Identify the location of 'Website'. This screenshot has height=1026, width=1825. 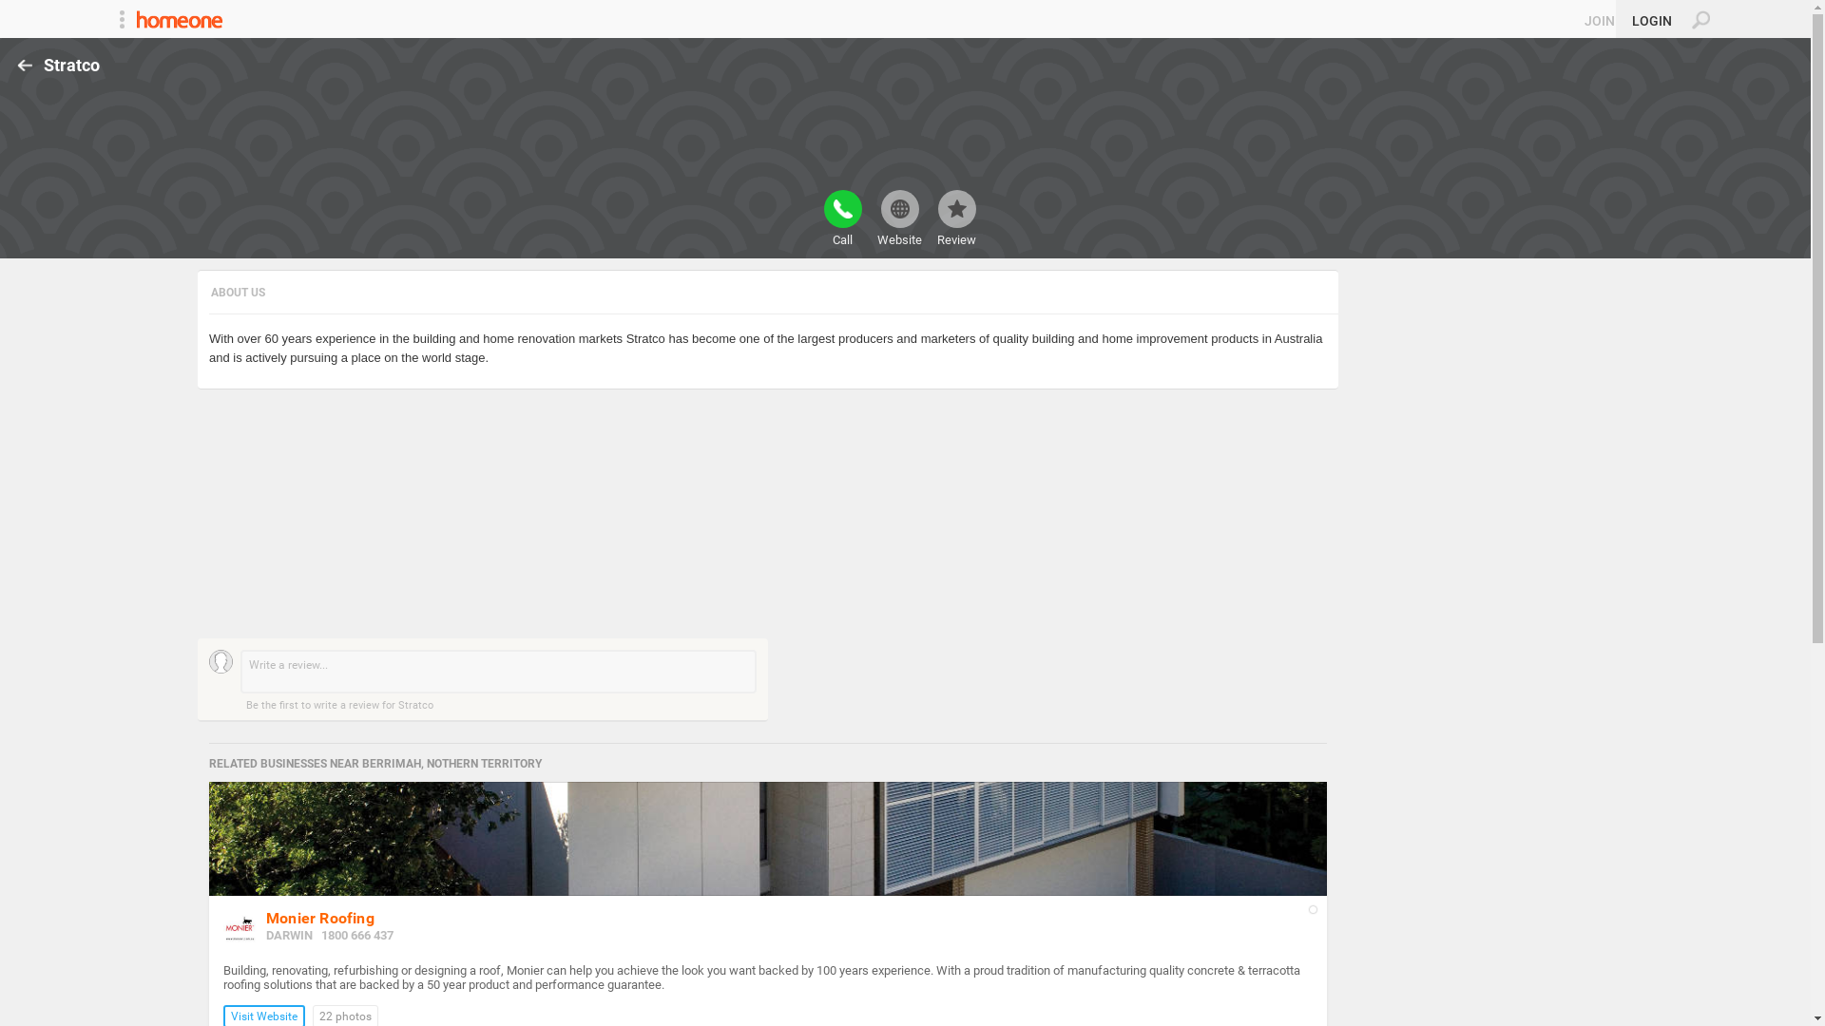
(897, 218).